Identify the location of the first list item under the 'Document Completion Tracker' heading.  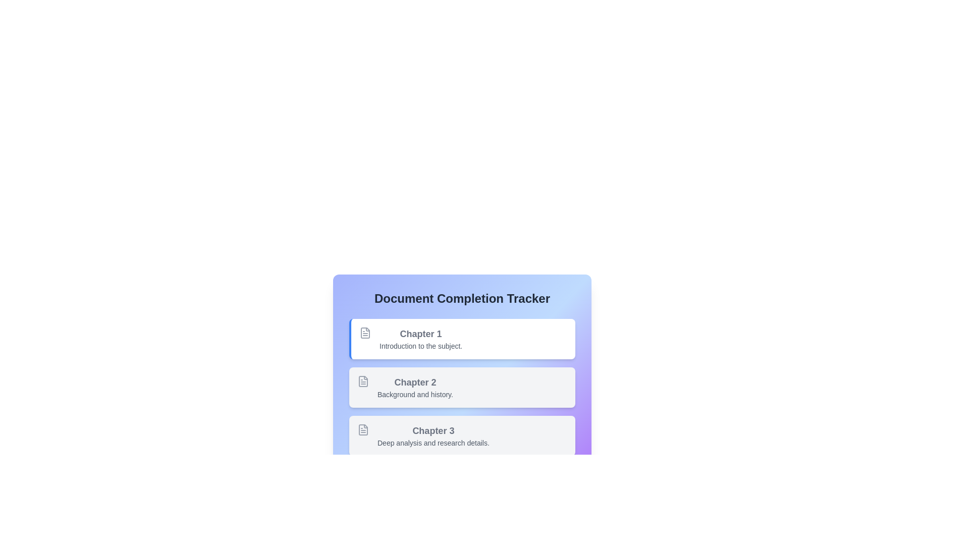
(462, 357).